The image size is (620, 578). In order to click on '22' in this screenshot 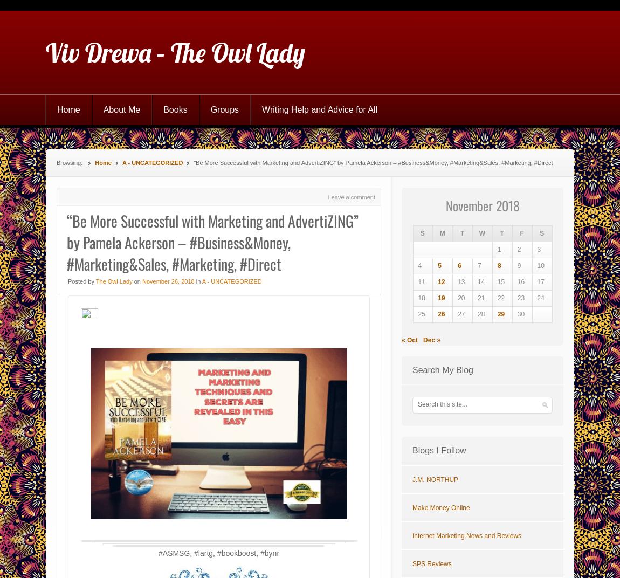, I will do `click(497, 298)`.